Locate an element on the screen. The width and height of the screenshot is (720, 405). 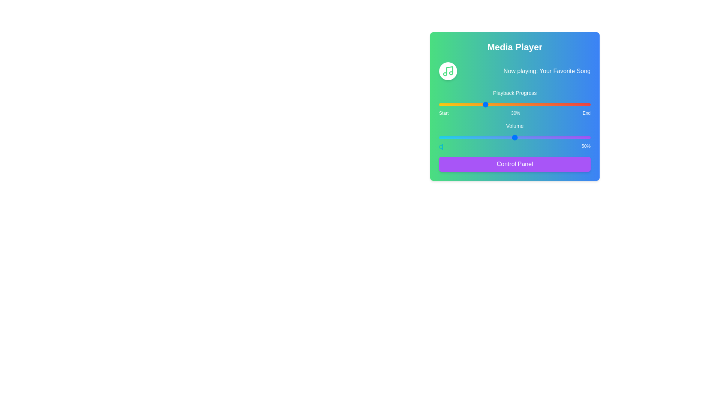
the volume slider to 42% is located at coordinates (502, 137).